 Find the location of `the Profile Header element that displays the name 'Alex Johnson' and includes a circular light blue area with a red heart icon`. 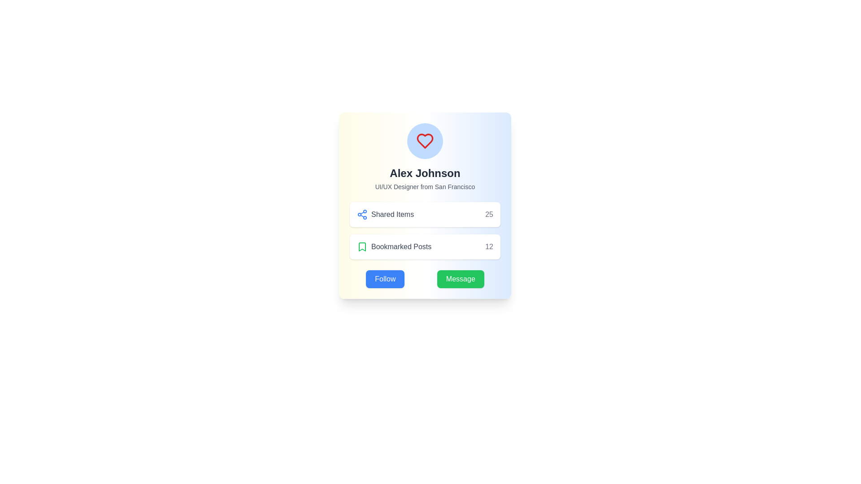

the Profile Header element that displays the name 'Alex Johnson' and includes a circular light blue area with a red heart icon is located at coordinates (425, 157).